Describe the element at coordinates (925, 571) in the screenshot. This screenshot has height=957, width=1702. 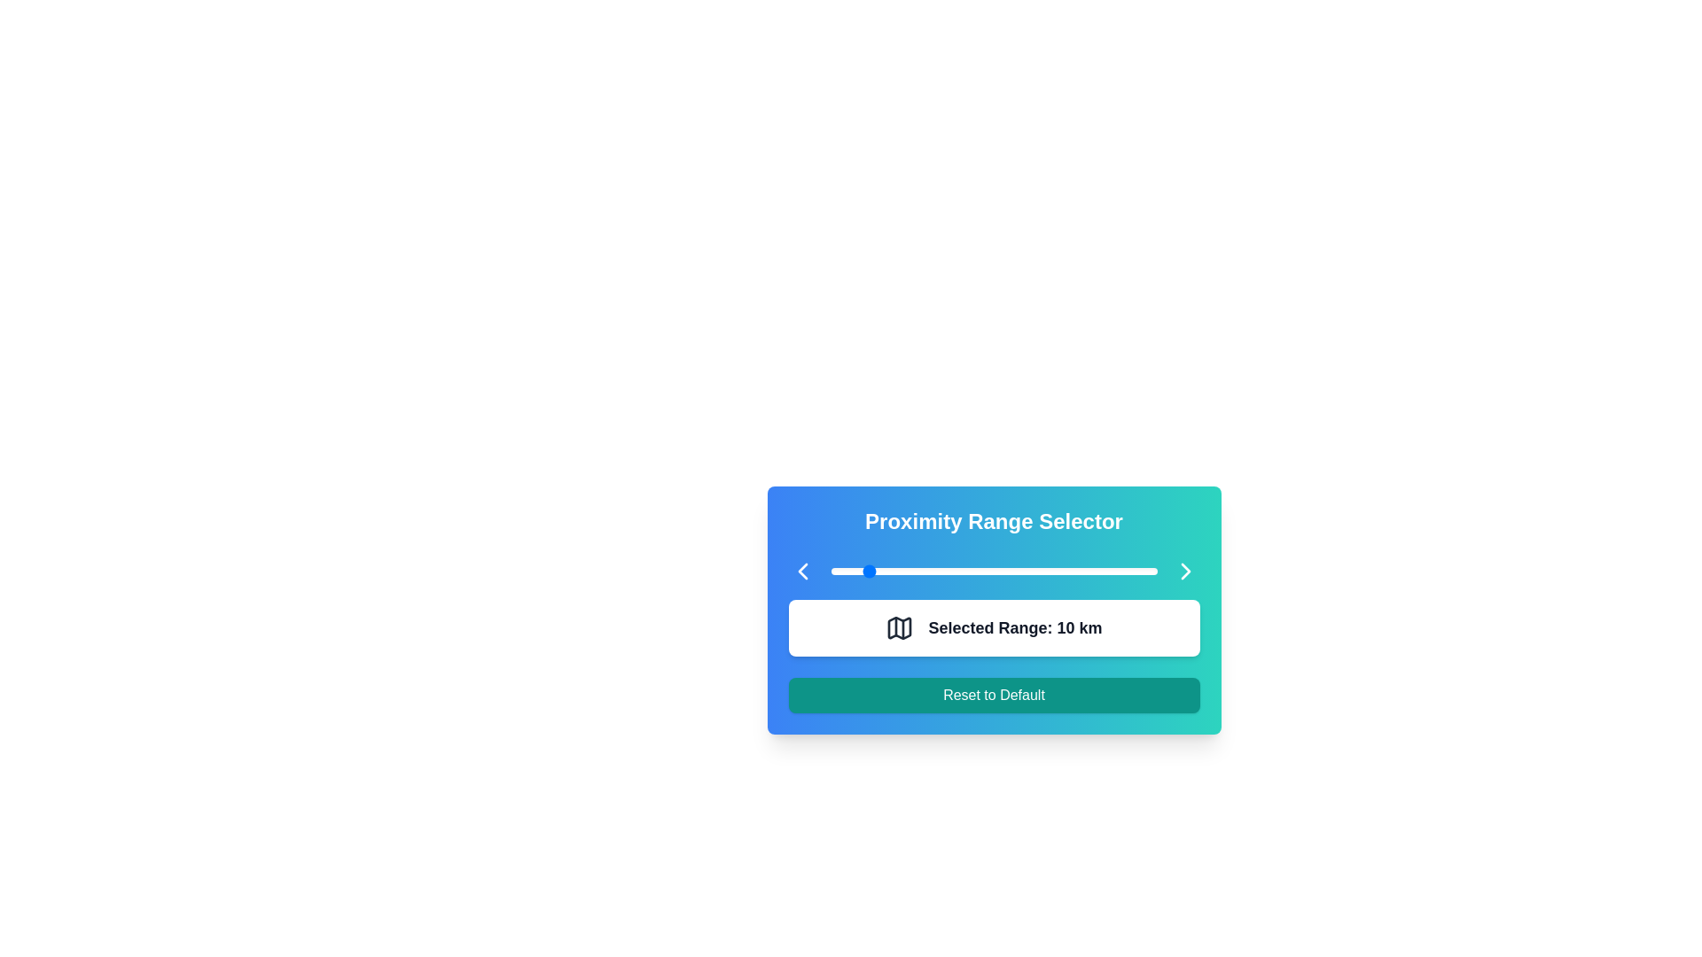
I see `the proximity range` at that location.